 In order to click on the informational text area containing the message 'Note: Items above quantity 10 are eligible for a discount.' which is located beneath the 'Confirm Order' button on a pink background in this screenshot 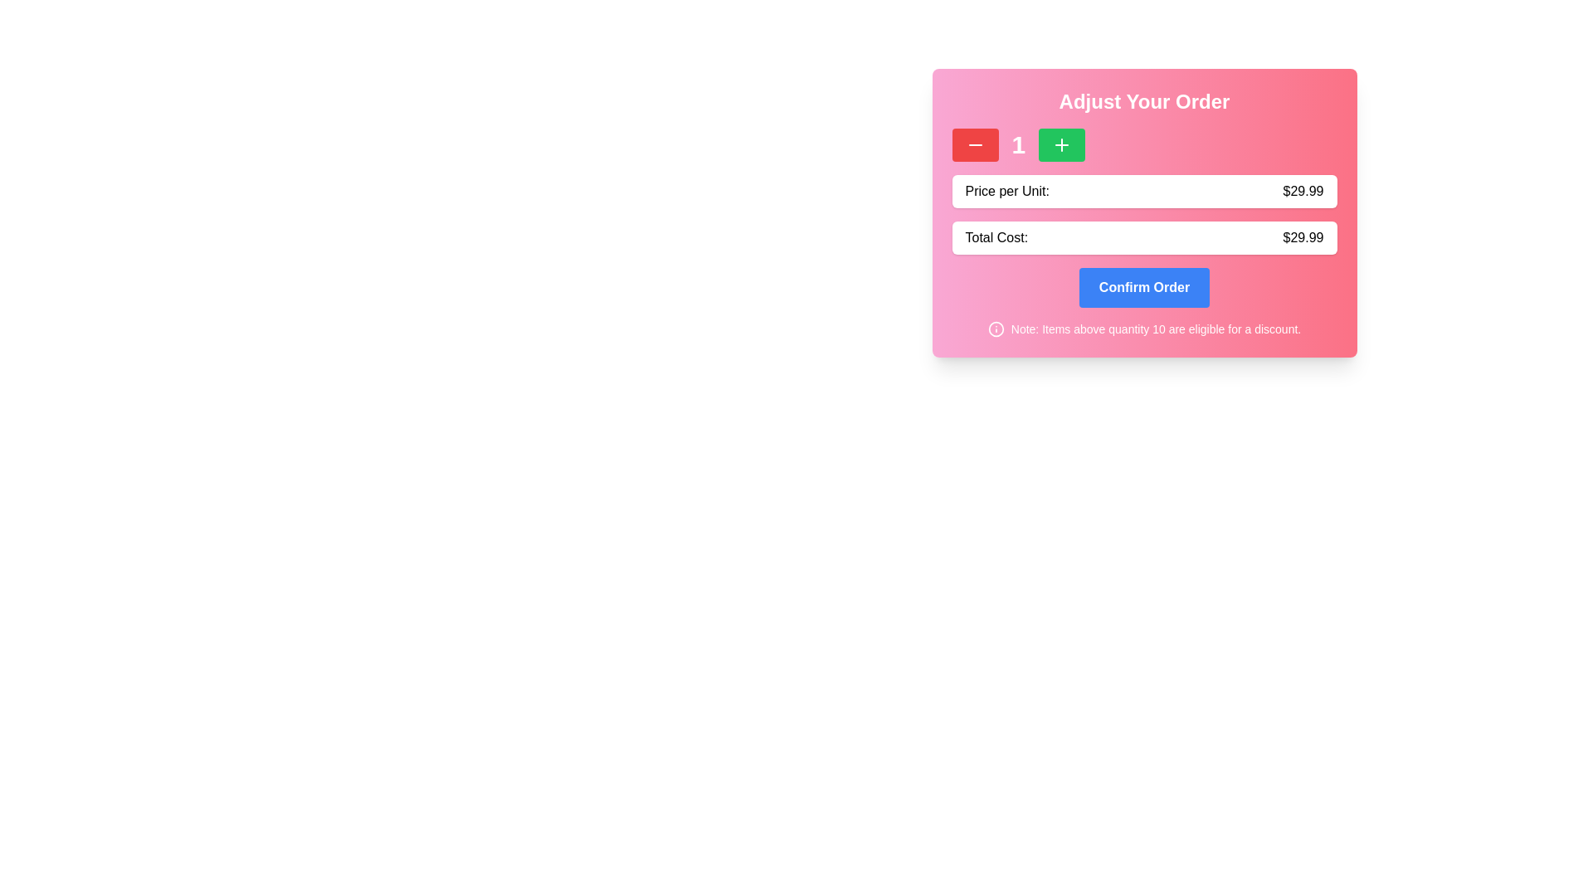, I will do `click(1143, 329)`.